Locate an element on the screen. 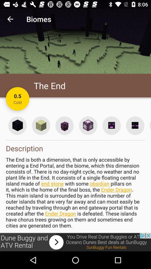 This screenshot has width=151, height=269. selection button is located at coordinates (18, 125).